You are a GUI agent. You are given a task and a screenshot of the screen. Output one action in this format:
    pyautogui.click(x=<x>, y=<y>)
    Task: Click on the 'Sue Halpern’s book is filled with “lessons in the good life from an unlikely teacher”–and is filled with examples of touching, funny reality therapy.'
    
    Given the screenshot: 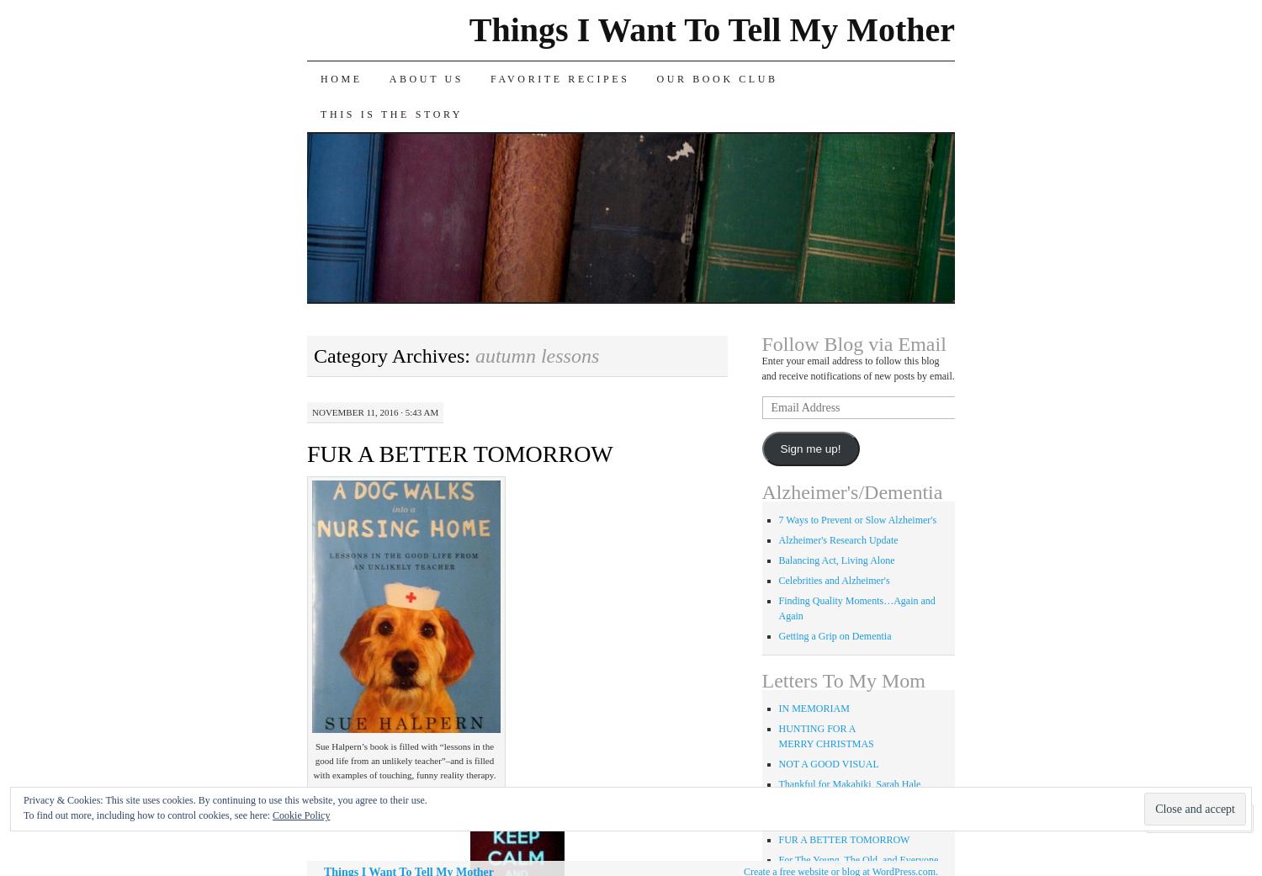 What is the action you would take?
    pyautogui.click(x=403, y=760)
    